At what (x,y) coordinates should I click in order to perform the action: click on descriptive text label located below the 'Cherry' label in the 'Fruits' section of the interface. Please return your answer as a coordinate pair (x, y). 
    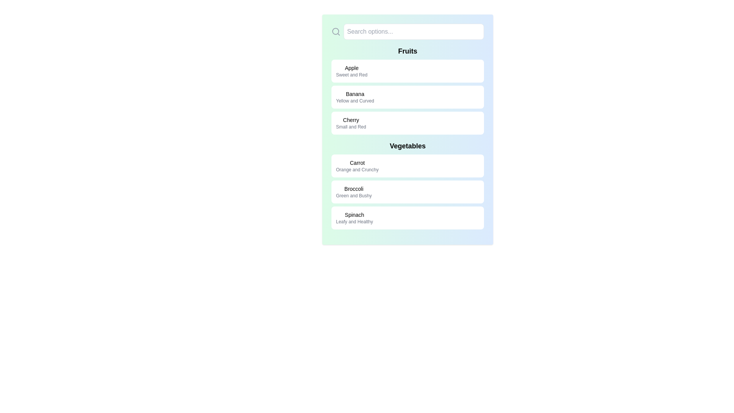
    Looking at the image, I should click on (351, 126).